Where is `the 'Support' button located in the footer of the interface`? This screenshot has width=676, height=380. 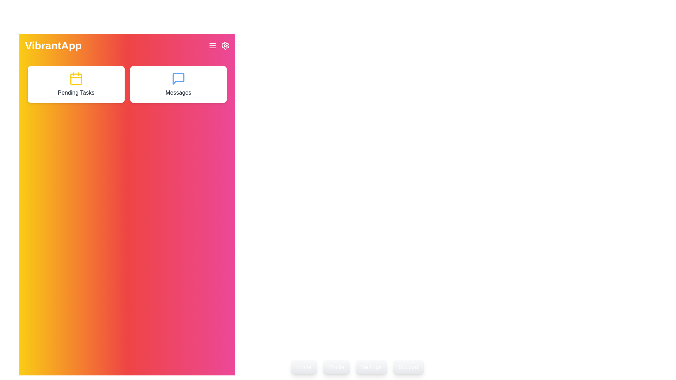
the 'Support' button located in the footer of the interface is located at coordinates (408, 367).